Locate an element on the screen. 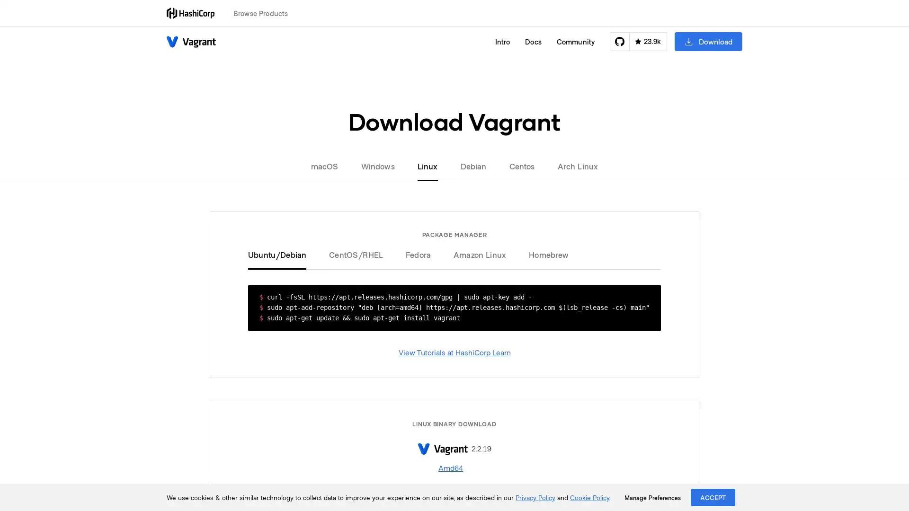 This screenshot has height=511, width=909. Windows is located at coordinates (377, 166).